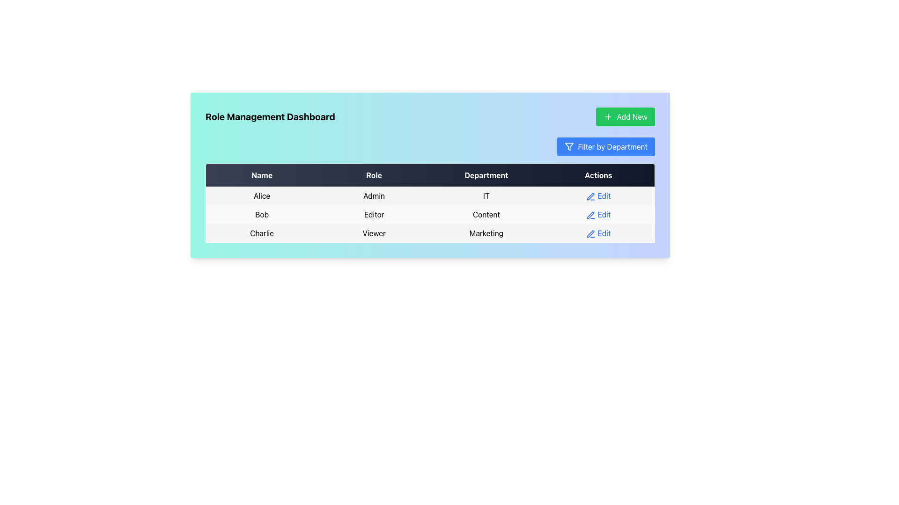  What do you see at coordinates (374, 215) in the screenshot?
I see `text 'Editor' located in the second cell of the 'Role' column in the second row of the table` at bounding box center [374, 215].